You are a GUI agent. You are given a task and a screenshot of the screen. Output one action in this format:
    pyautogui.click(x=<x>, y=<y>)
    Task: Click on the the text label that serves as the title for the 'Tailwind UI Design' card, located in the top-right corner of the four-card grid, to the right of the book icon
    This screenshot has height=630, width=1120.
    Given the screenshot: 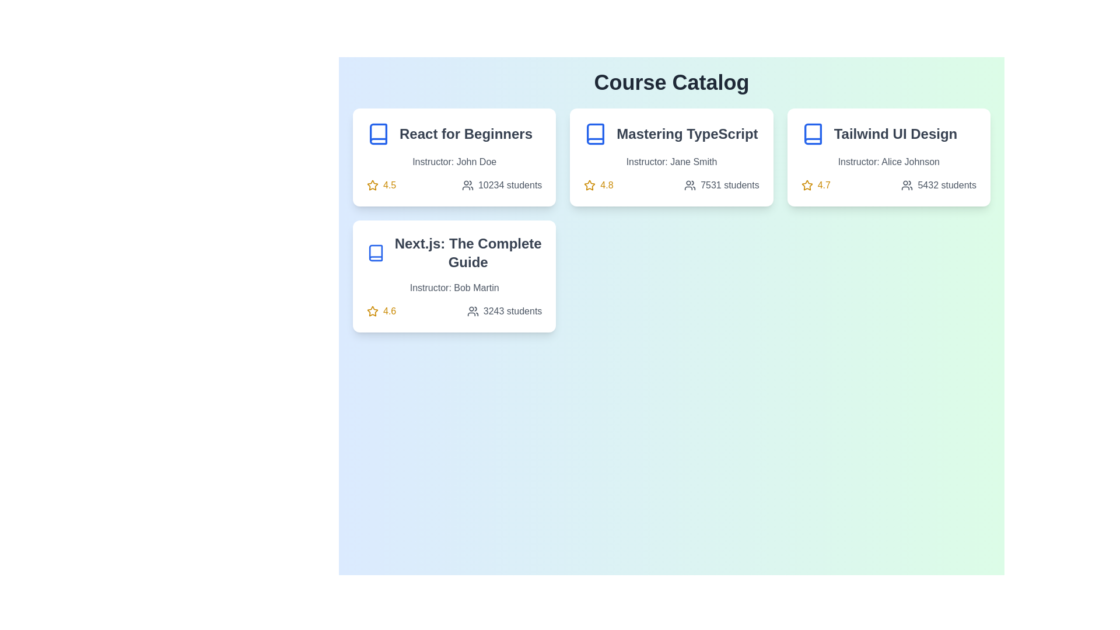 What is the action you would take?
    pyautogui.click(x=895, y=134)
    